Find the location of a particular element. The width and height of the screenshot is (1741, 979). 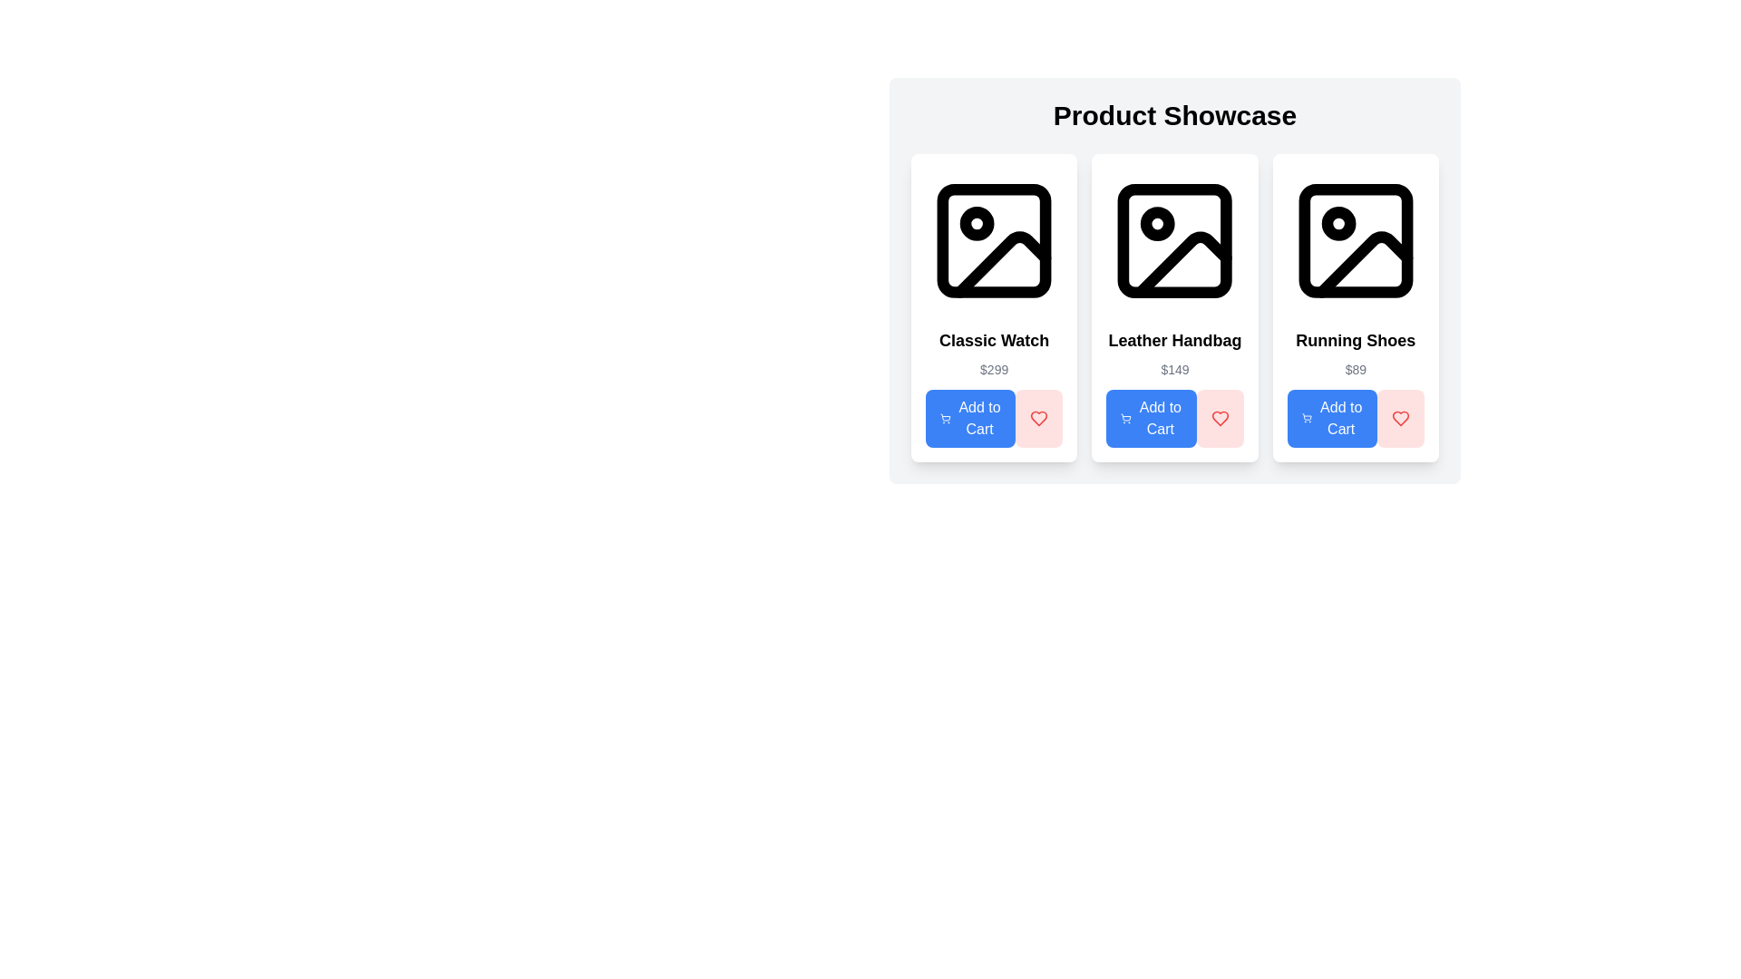

the decorative circle located within the image icon of the 'Running Shoes' product card in the upper left quadrant is located at coordinates (1338, 223).